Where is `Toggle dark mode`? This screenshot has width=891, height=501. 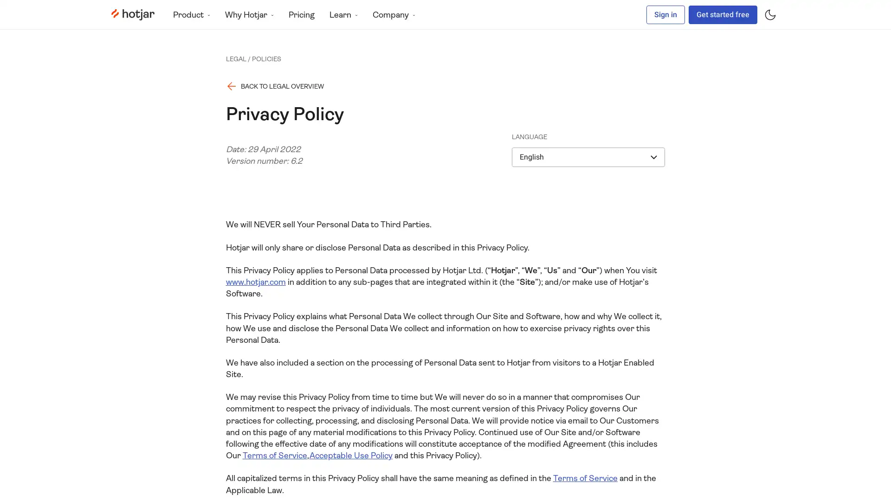 Toggle dark mode is located at coordinates (770, 14).